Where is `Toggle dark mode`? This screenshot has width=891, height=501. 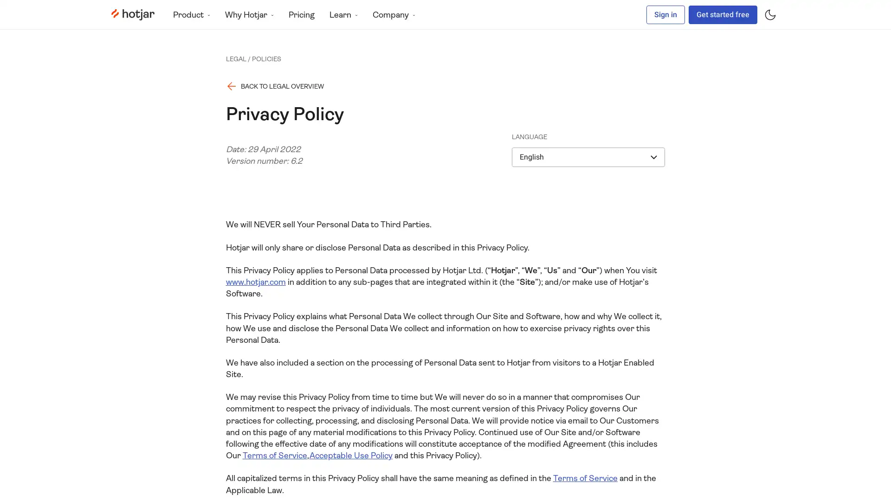 Toggle dark mode is located at coordinates (770, 14).